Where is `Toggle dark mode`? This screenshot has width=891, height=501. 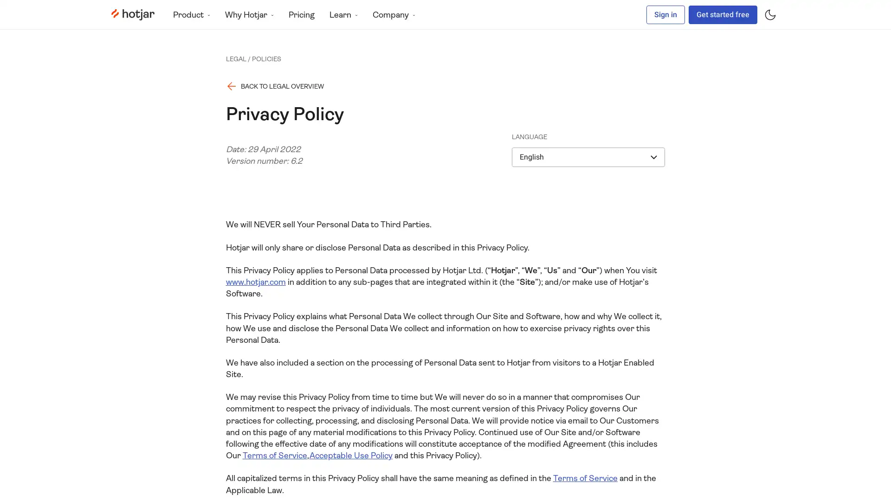 Toggle dark mode is located at coordinates (770, 14).